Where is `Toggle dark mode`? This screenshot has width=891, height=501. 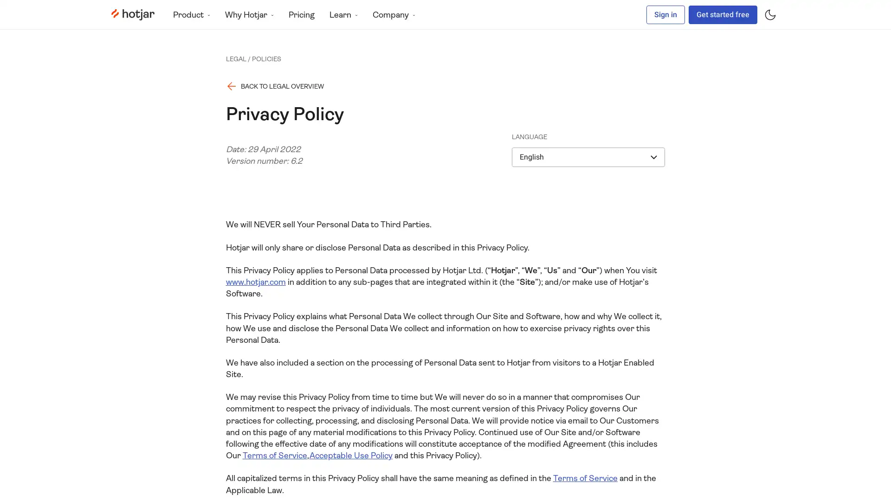 Toggle dark mode is located at coordinates (770, 14).